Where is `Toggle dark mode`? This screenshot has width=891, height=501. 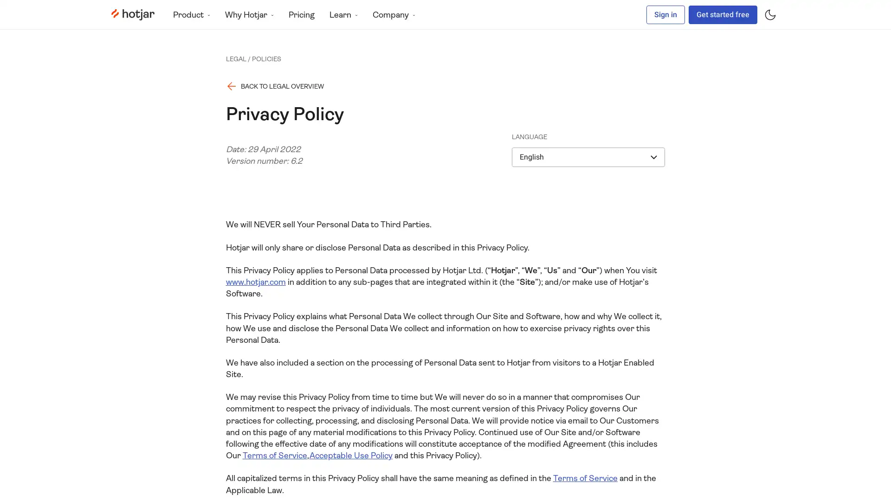 Toggle dark mode is located at coordinates (770, 14).